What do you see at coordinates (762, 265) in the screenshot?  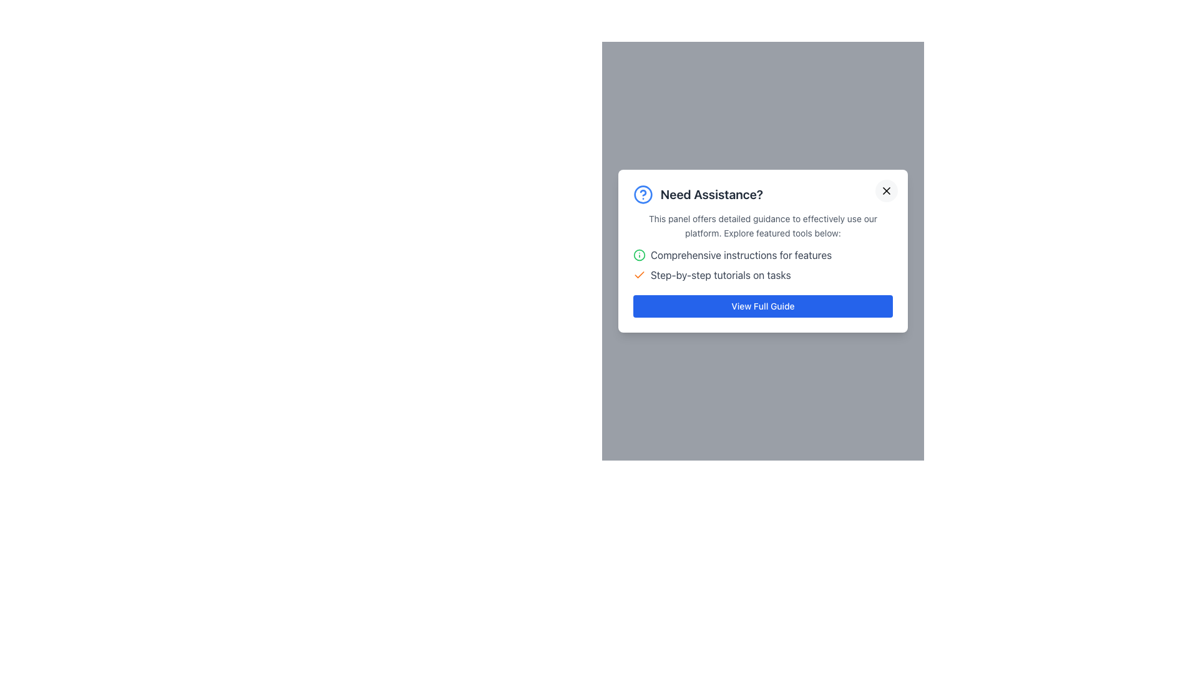 I see `the informational list with icons located within a white, rounded rectangle panel in the center of the modal, below the descriptive text about guidance and above the blue action button labeled 'View Full Guide'` at bounding box center [762, 265].